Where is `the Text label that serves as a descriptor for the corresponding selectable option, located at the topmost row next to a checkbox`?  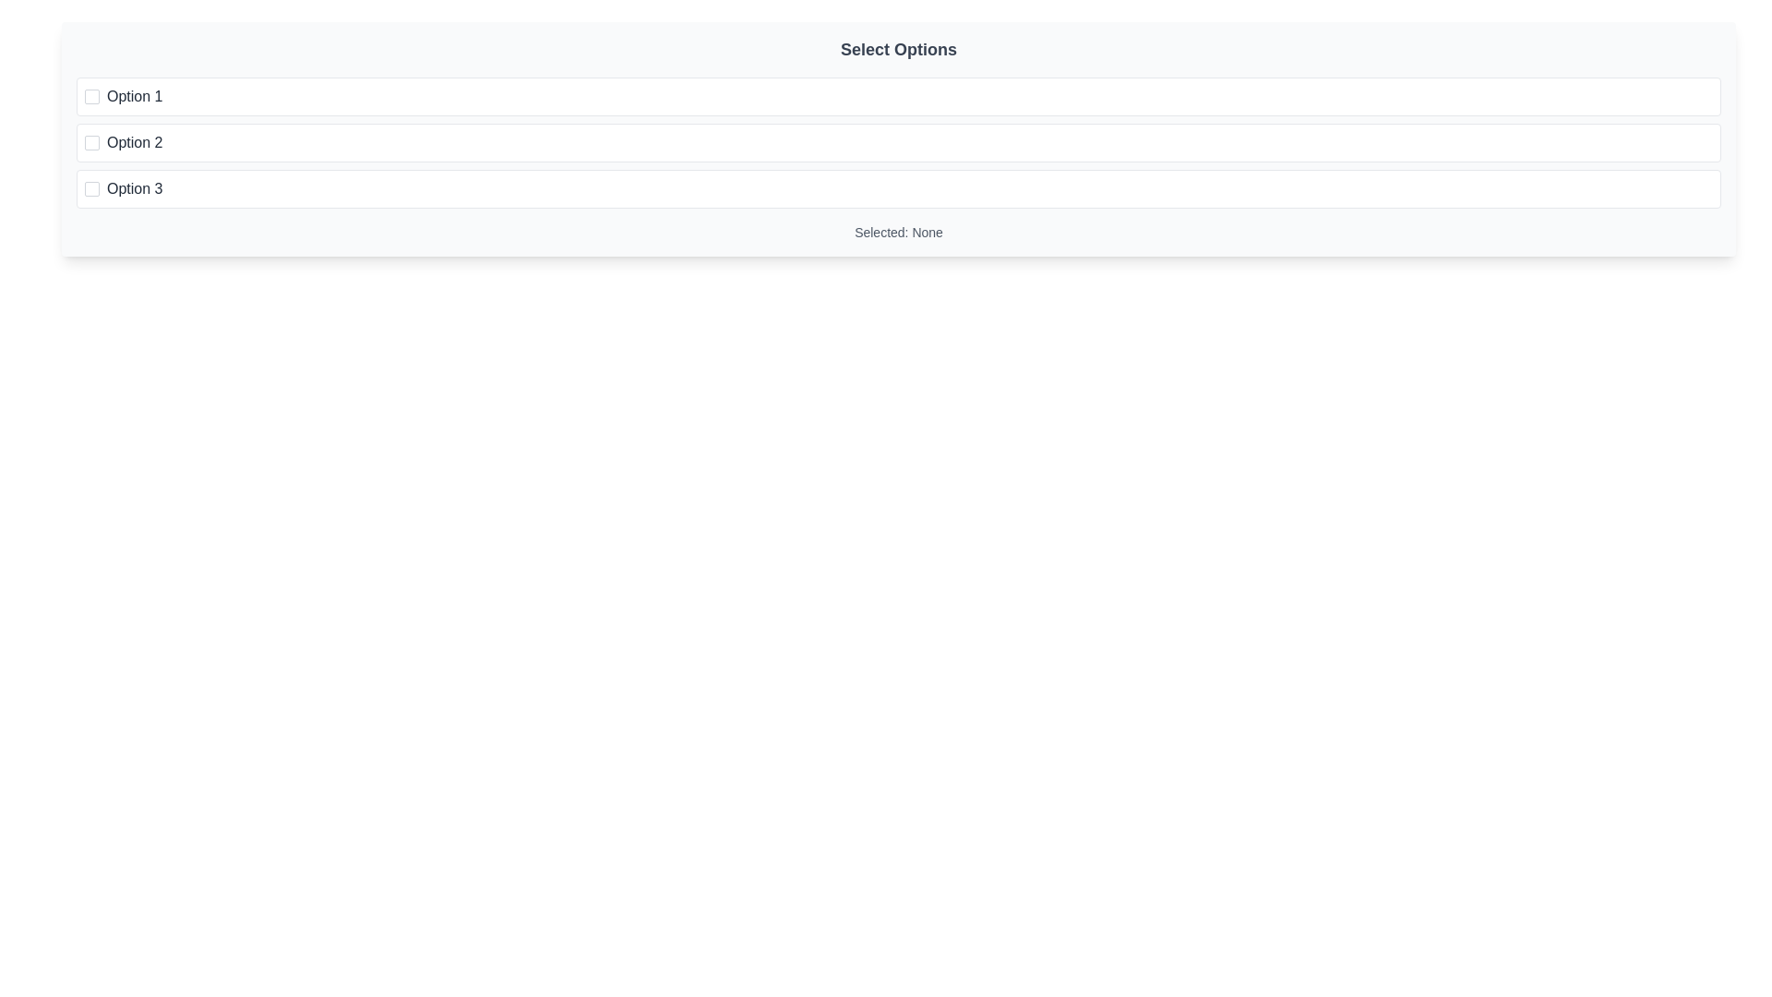
the Text label that serves as a descriptor for the corresponding selectable option, located at the topmost row next to a checkbox is located at coordinates (134, 96).